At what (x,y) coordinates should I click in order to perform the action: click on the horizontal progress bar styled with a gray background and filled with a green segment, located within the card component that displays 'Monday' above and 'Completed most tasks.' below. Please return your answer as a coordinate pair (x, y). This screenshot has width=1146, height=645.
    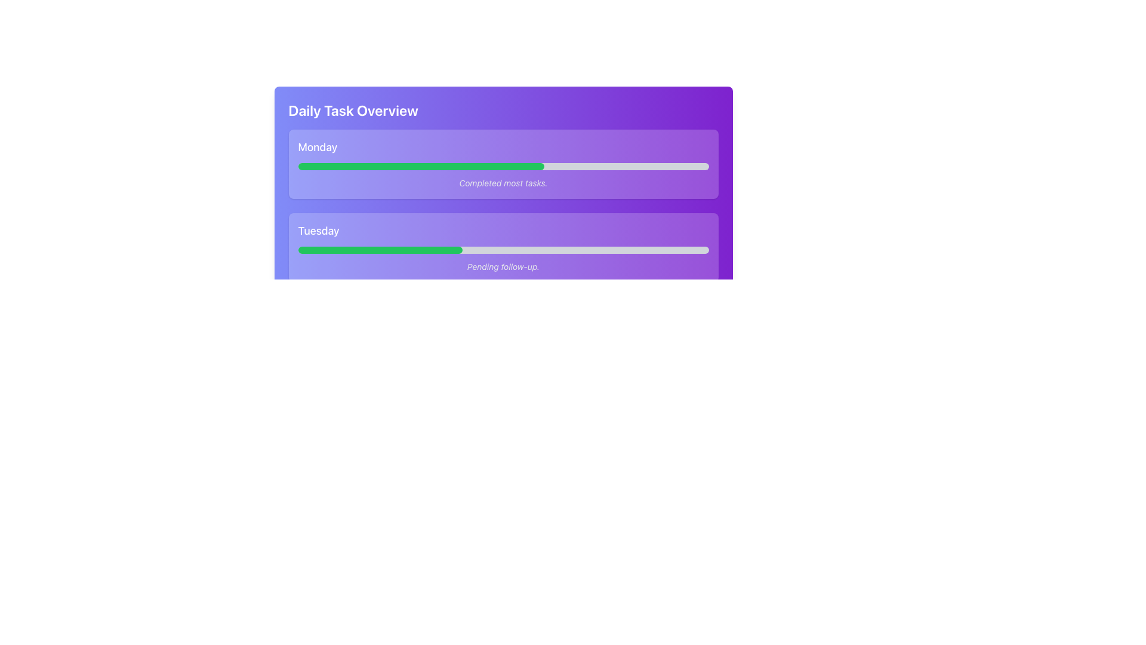
    Looking at the image, I should click on (503, 166).